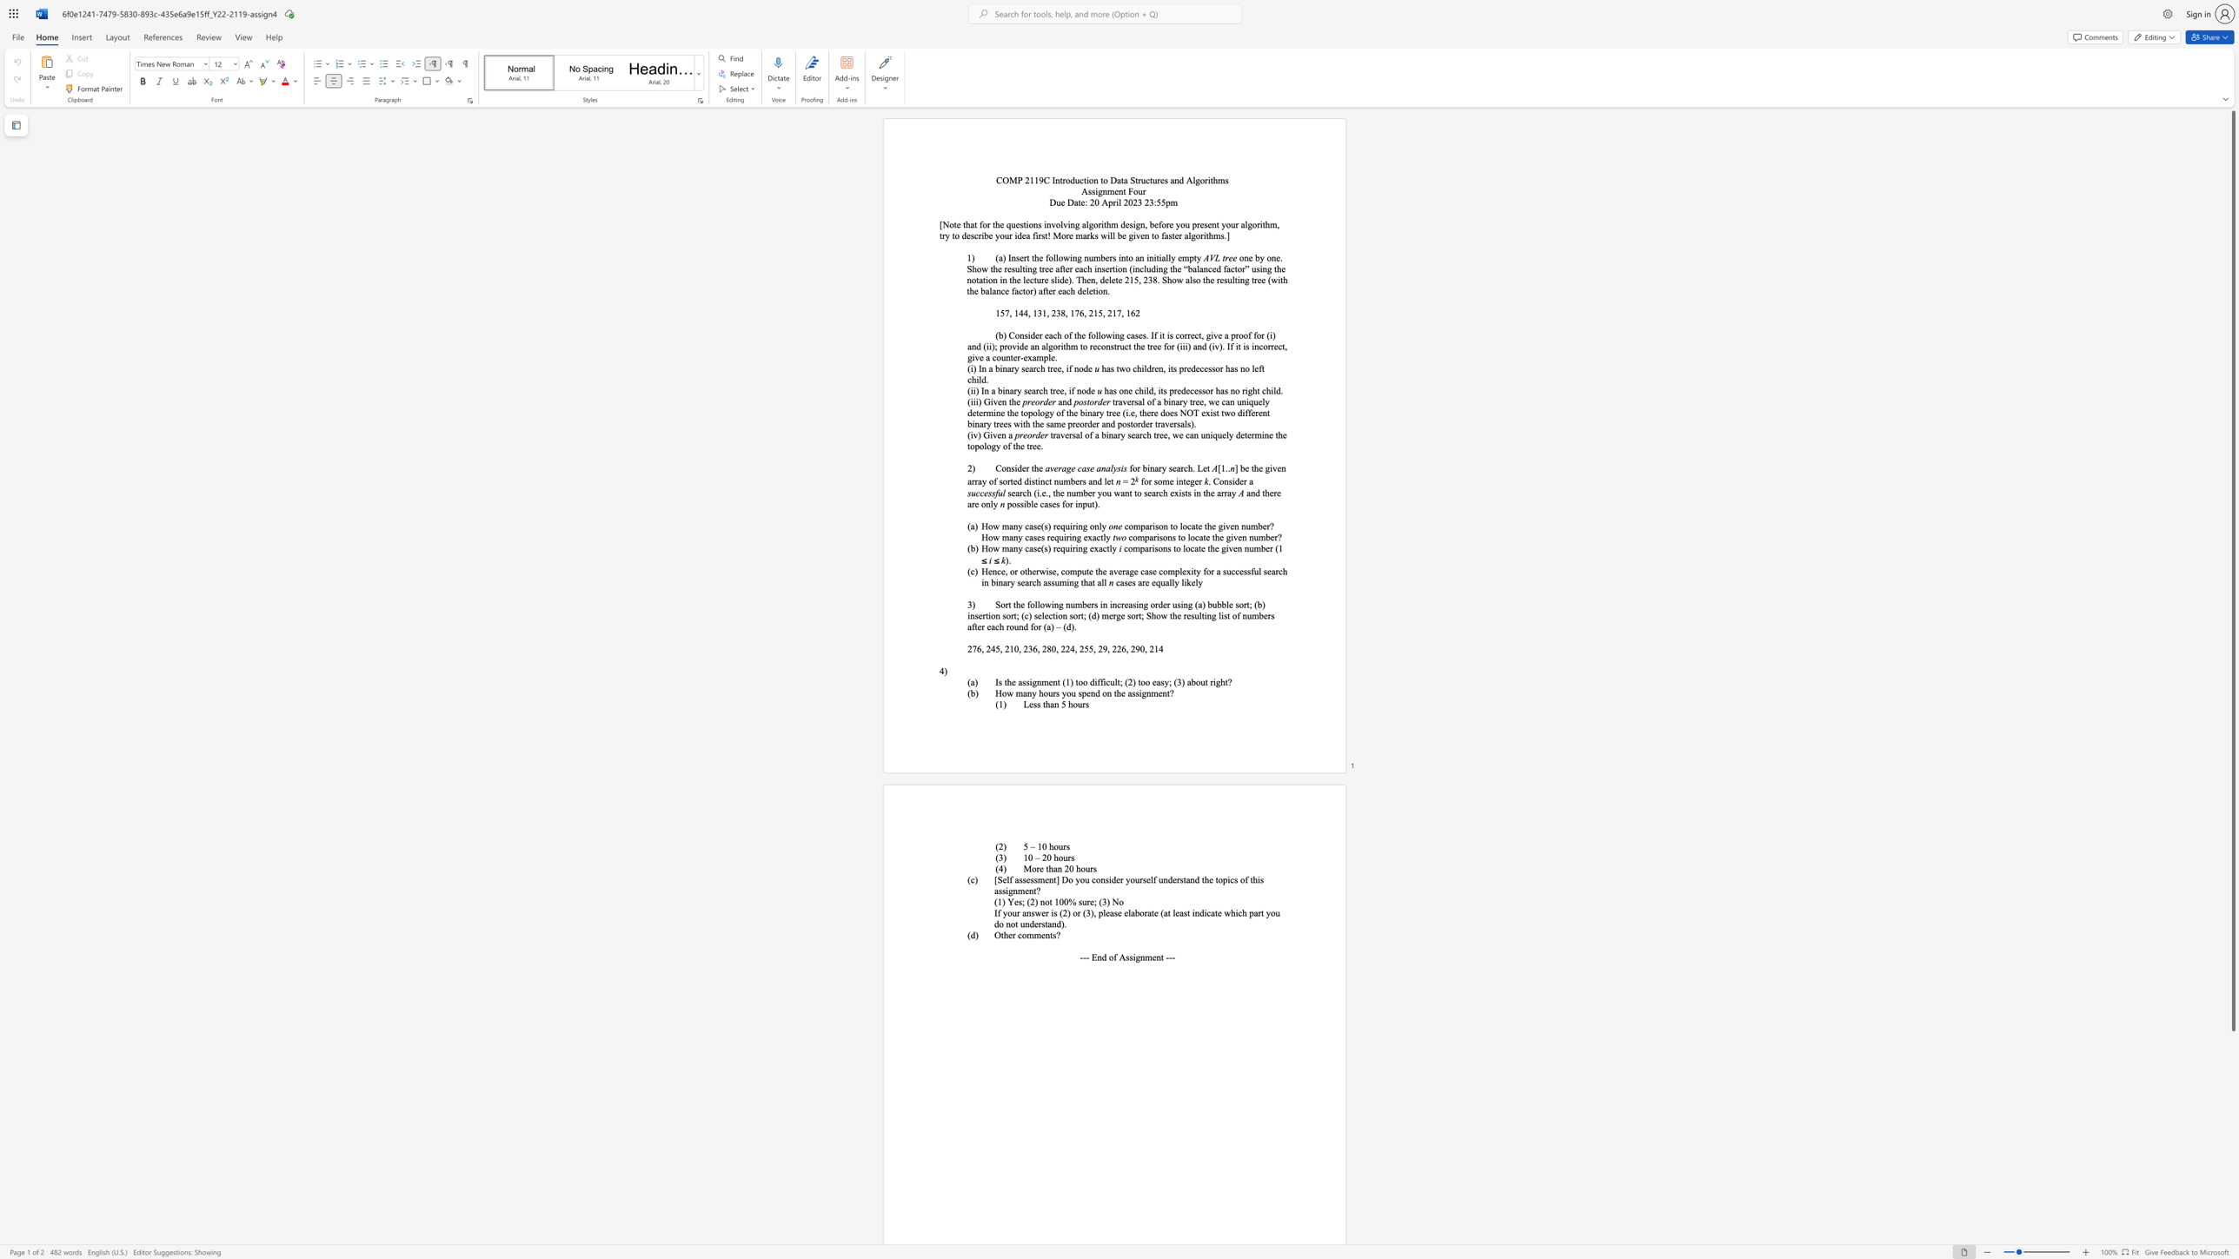 The image size is (2239, 1259). Describe the element at coordinates (1199, 368) in the screenshot. I see `the subset text "cessor has" within the text "has two children, its predecessor has no left child."` at that location.